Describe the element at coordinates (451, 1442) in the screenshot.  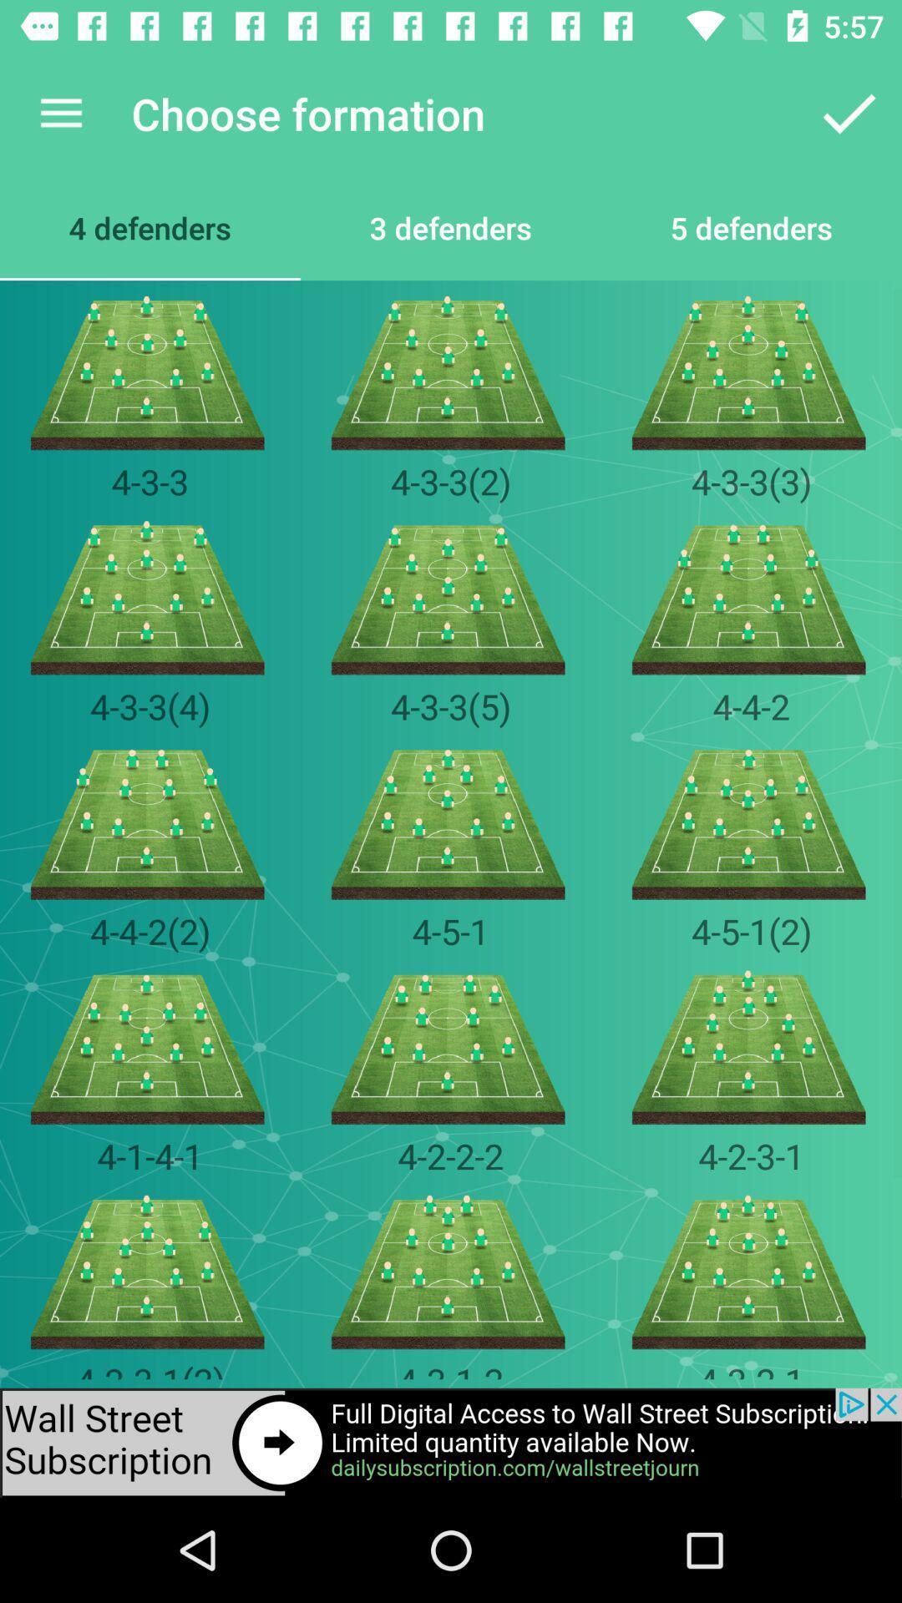
I see `app advertisement` at that location.